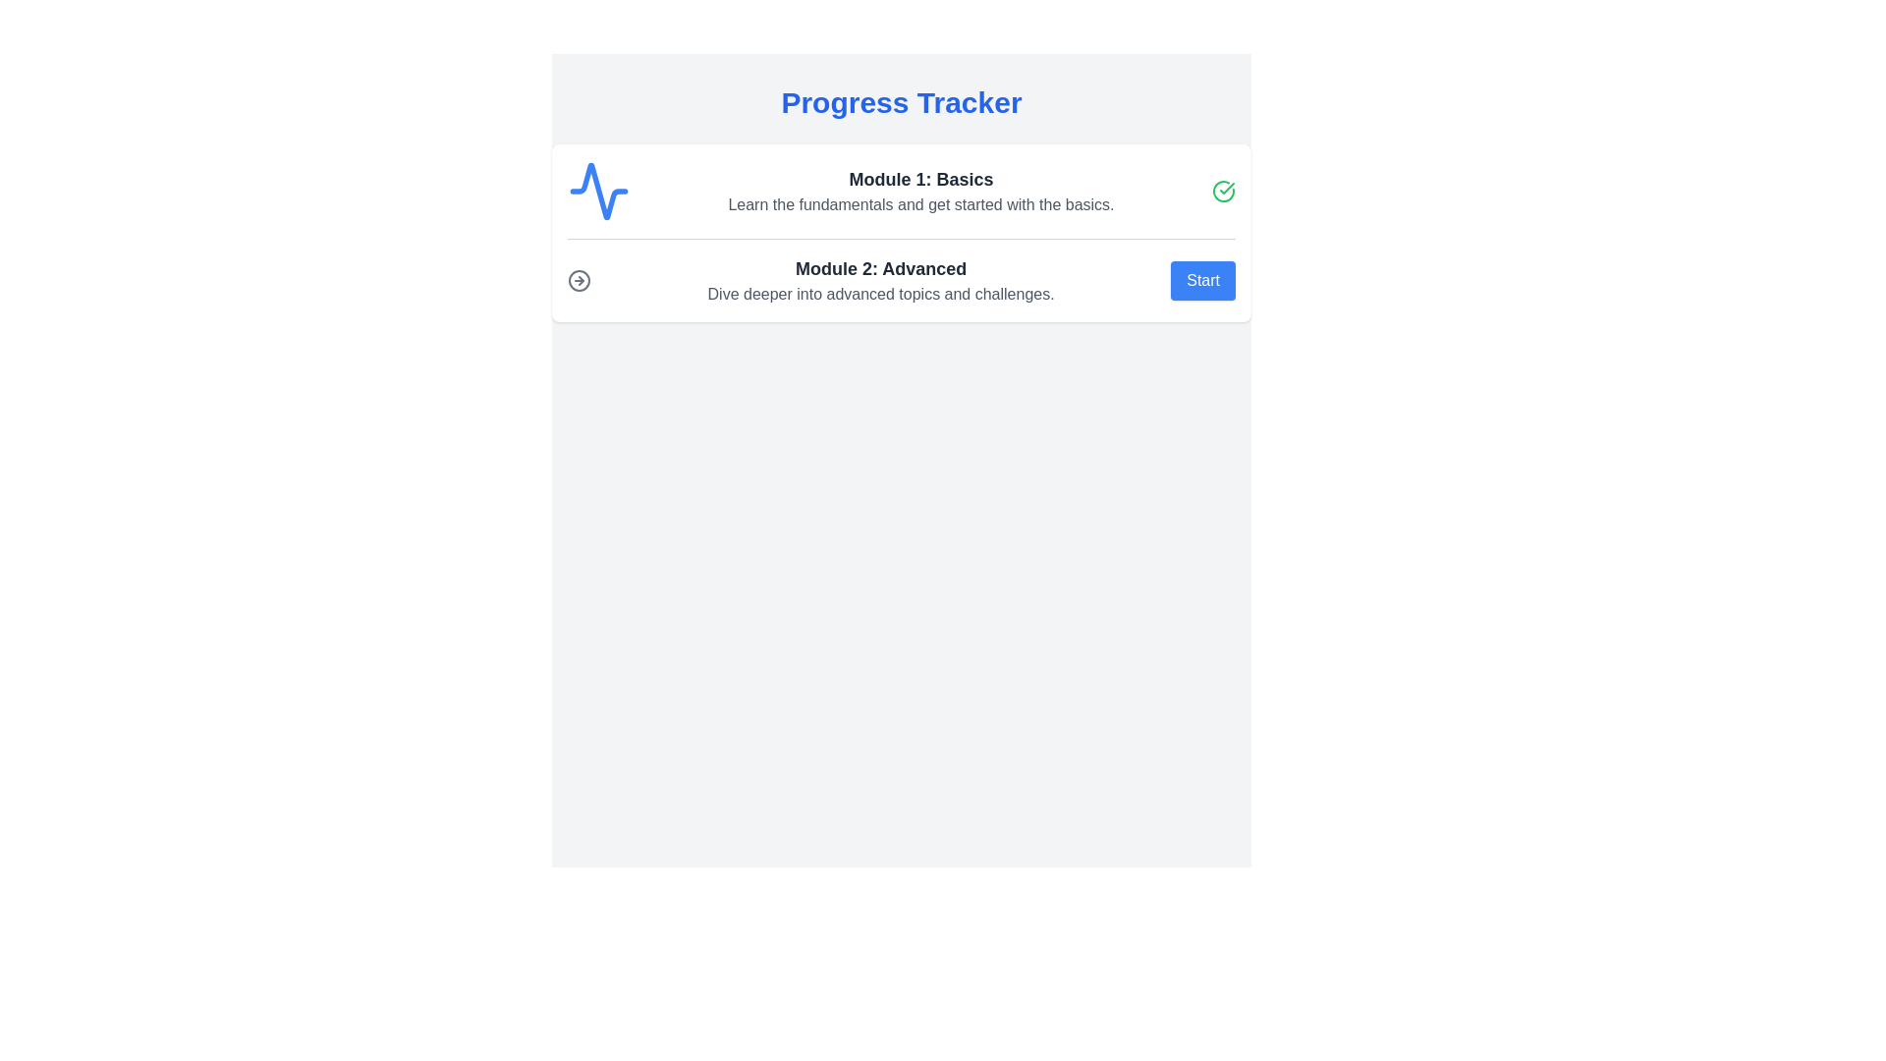  Describe the element at coordinates (919, 192) in the screenshot. I see `the textual component displaying 'Module 1: Basics' and its description, which is centrally aligned and located to the center-right of a blue waveform icon and adjacent to a checkmark icon` at that location.